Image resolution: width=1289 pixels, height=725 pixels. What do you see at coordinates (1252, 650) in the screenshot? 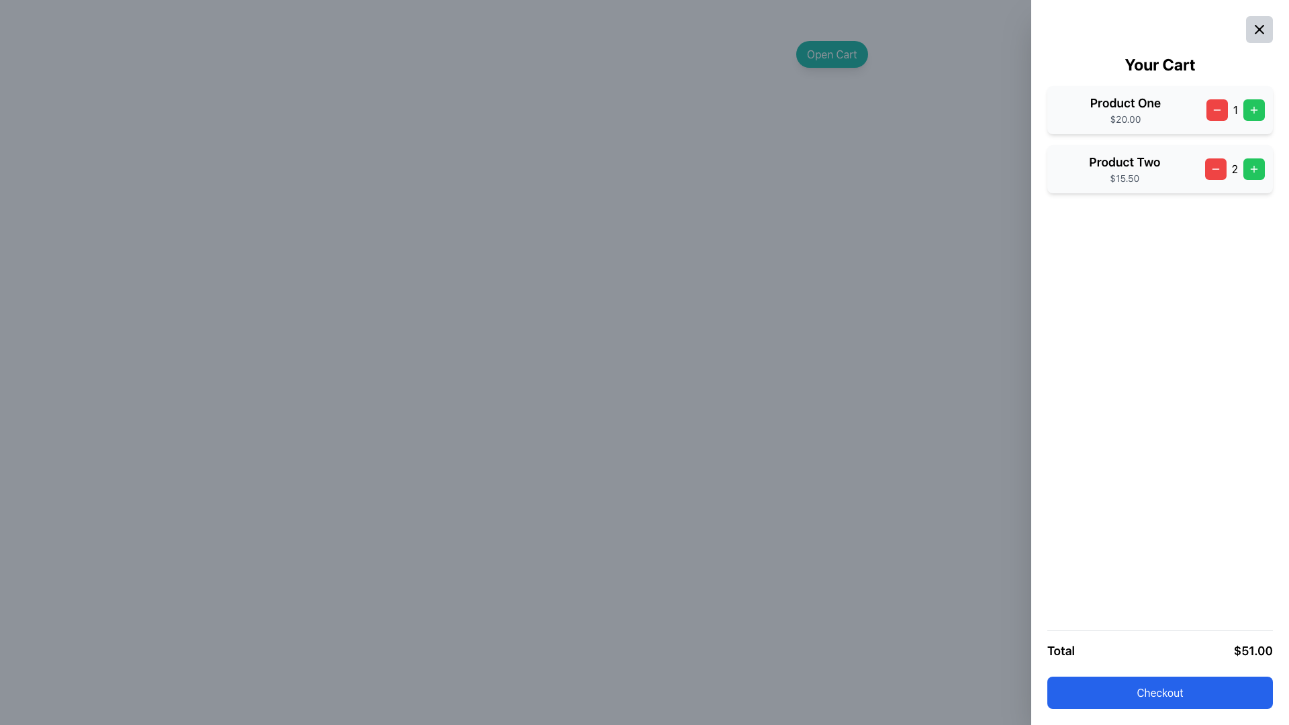
I see `the static display element that shows the total cost of the items in the user's cart, positioned to the far right of the line, directly above the blue 'Checkout' button` at bounding box center [1252, 650].